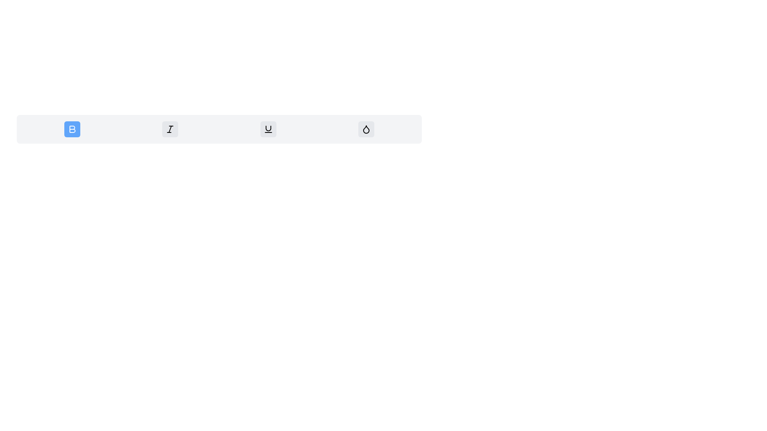 This screenshot has width=767, height=431. Describe the element at coordinates (72, 129) in the screenshot. I see `the button icon styled in blue with the letter 'B' in a bold font` at that location.